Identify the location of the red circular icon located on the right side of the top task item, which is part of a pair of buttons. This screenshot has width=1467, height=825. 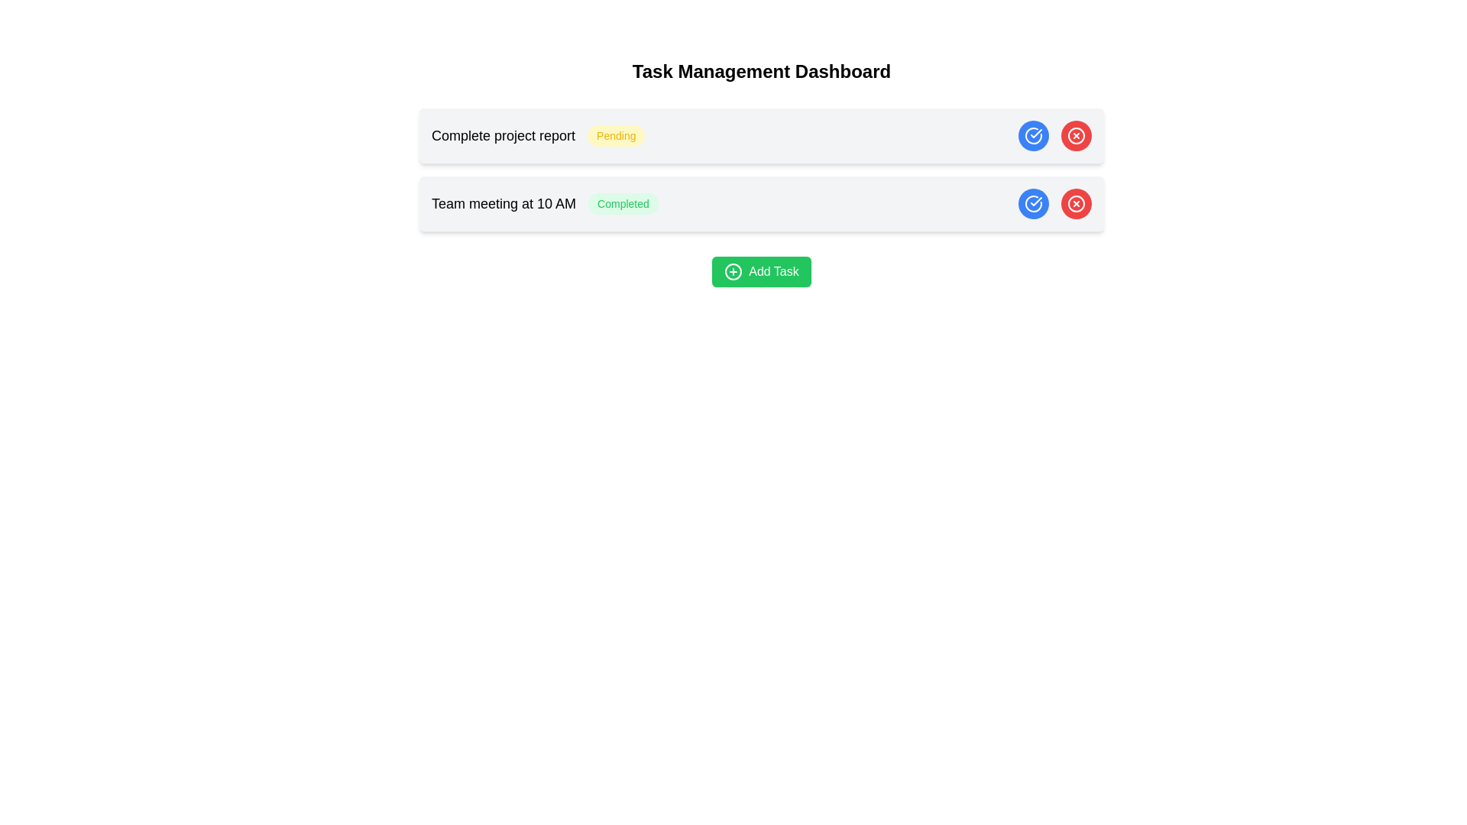
(1076, 202).